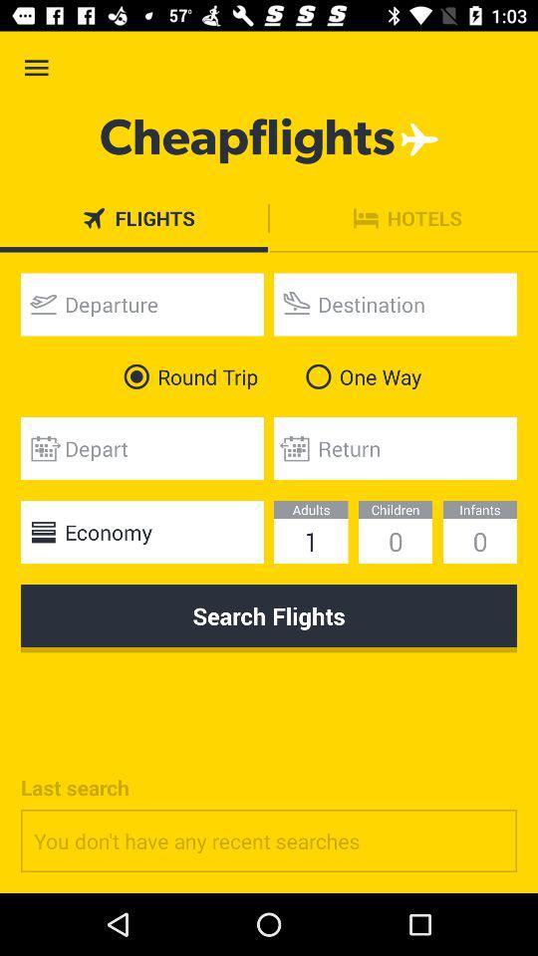 The image size is (538, 956). What do you see at coordinates (186, 375) in the screenshot?
I see `item next to the one way item` at bounding box center [186, 375].